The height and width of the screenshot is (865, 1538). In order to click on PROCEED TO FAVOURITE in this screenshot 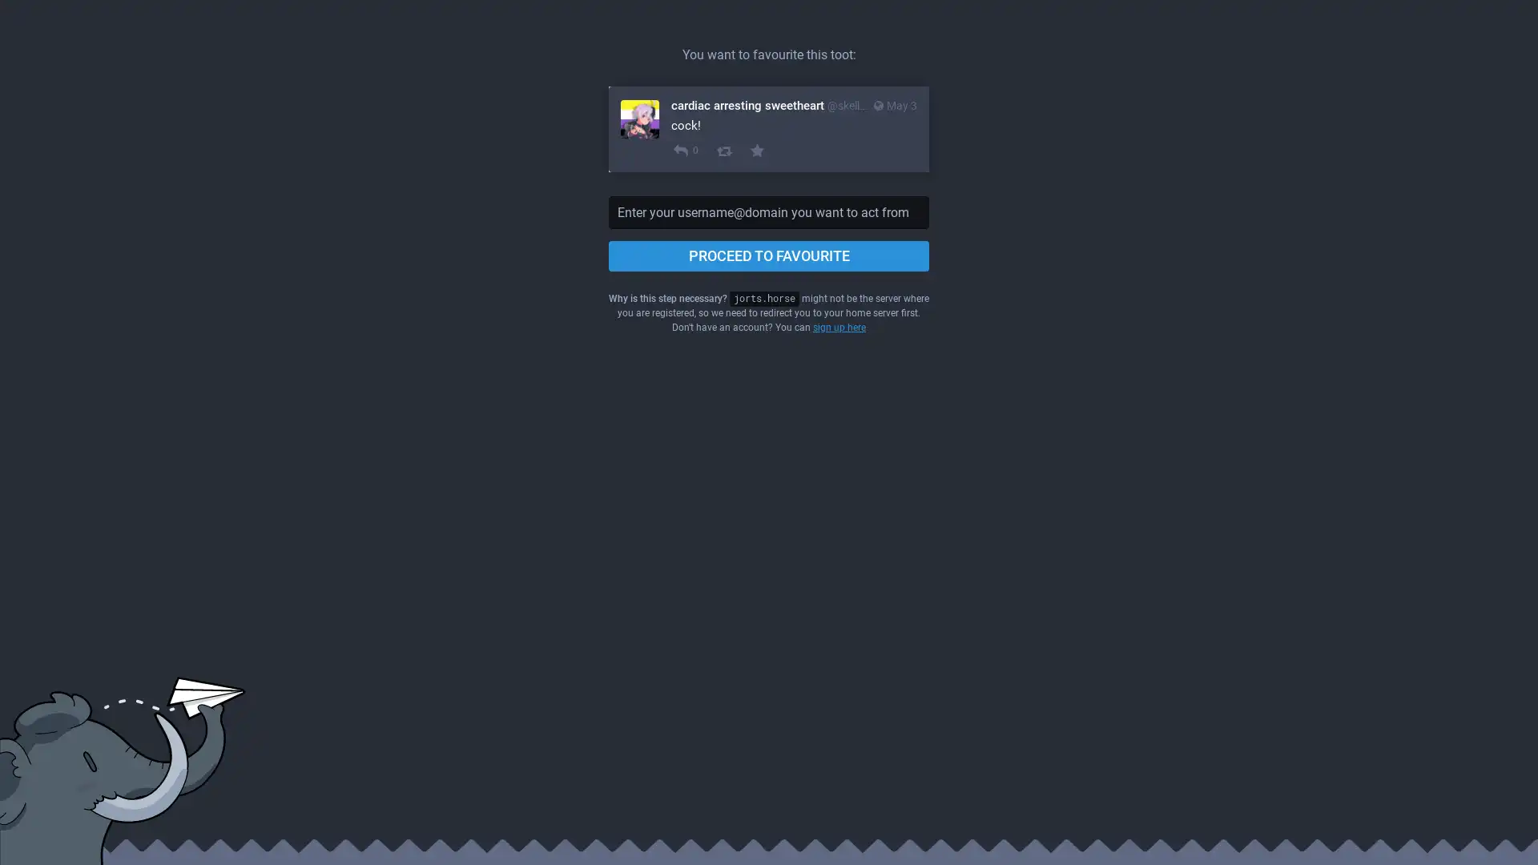, I will do `click(769, 255)`.